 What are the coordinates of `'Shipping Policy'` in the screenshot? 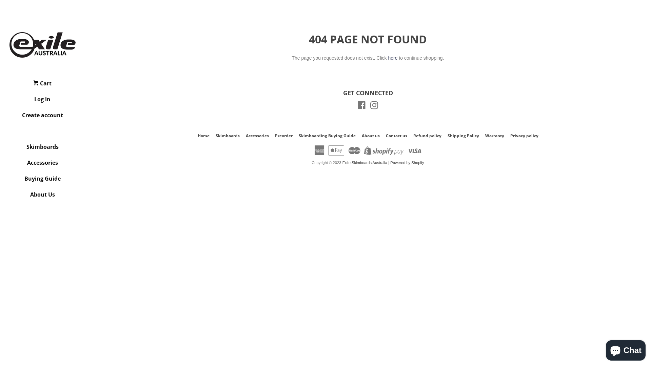 It's located at (463, 136).